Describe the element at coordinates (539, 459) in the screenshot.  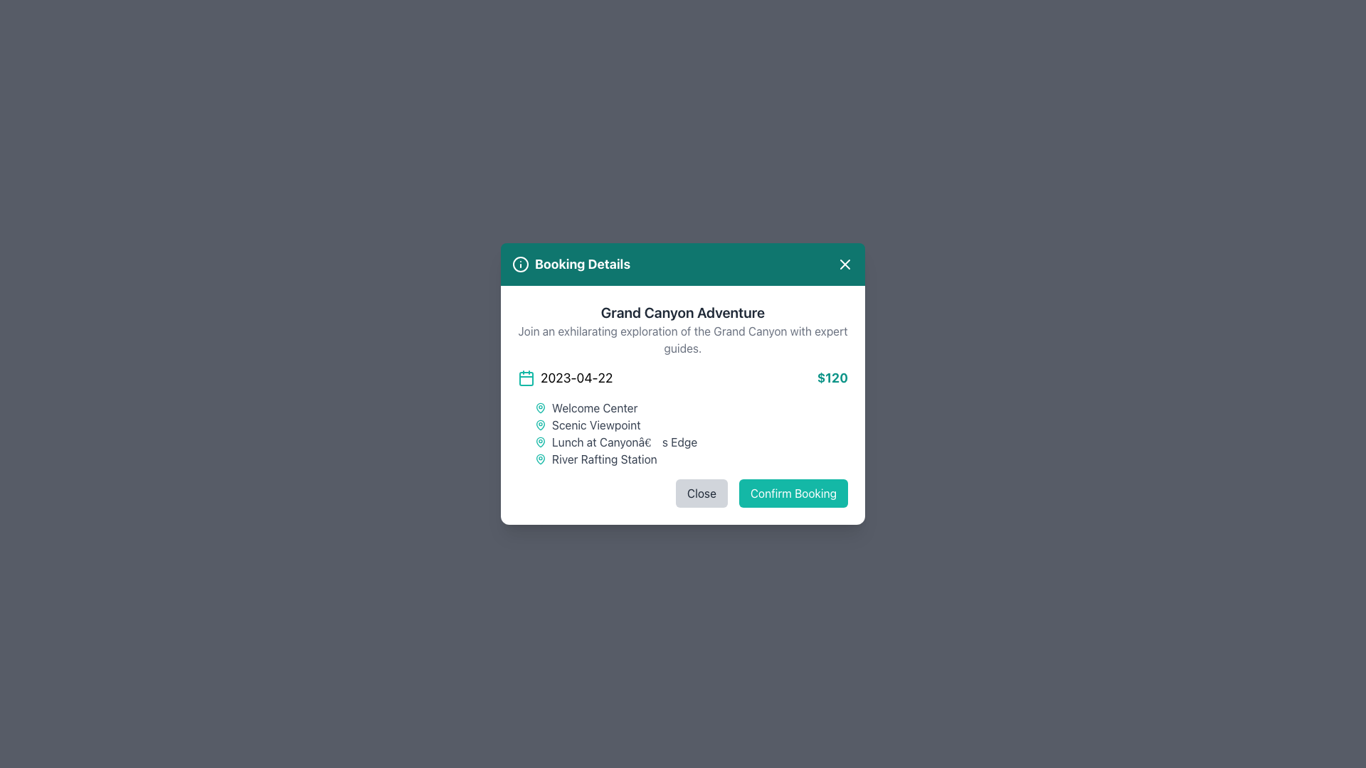
I see `the small teardrop-shaped icon with a turquoise outline and white interior located to the left of the text 'River Rafting Station' in the Booking Details section` at that location.